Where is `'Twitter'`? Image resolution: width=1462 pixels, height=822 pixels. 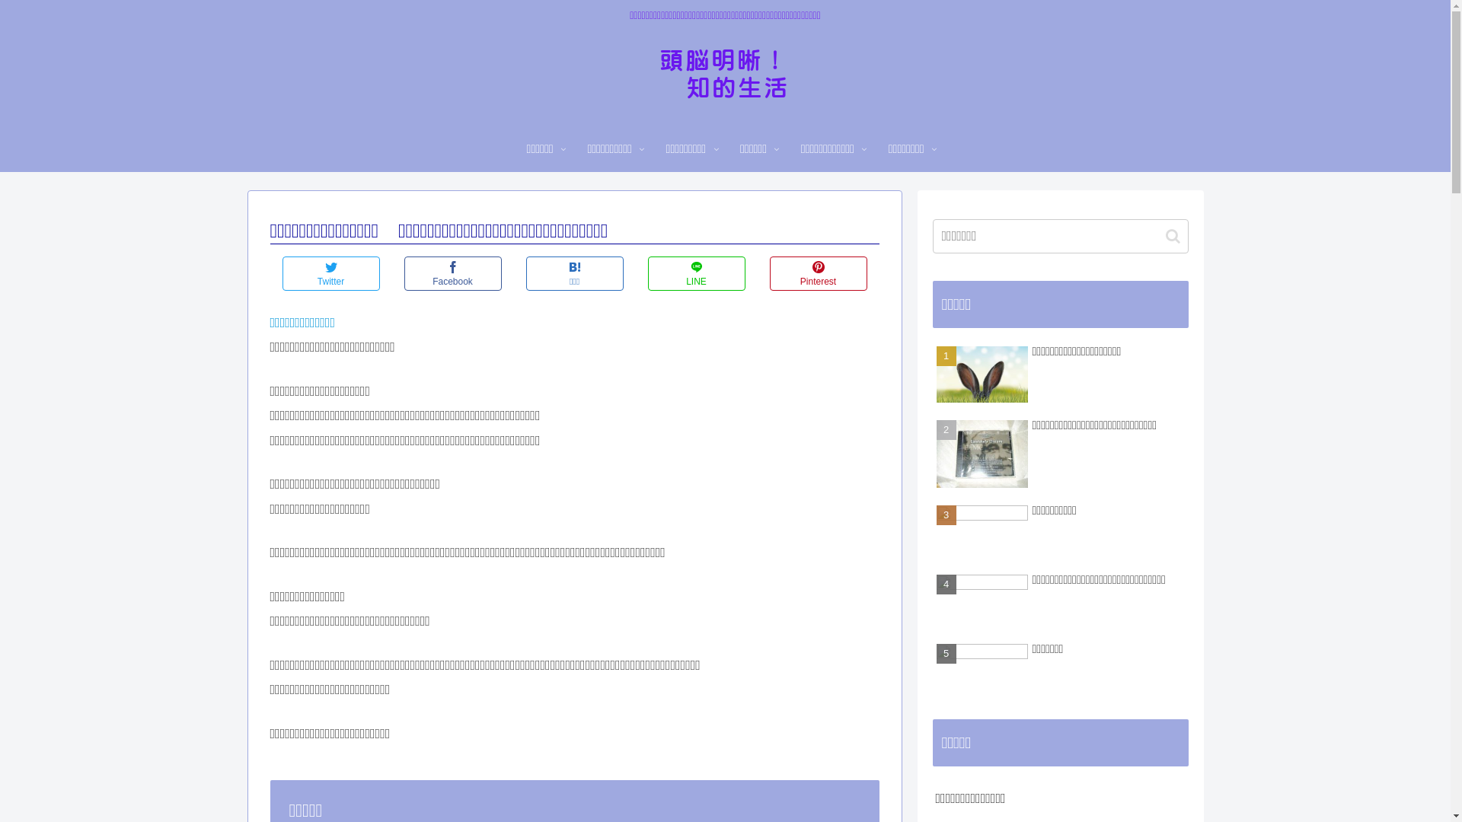 'Twitter' is located at coordinates (281, 272).